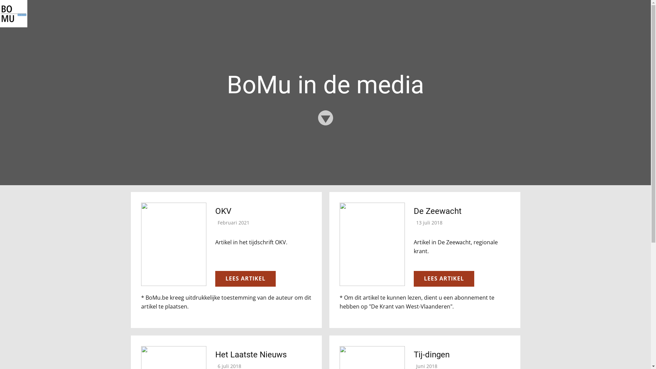 The image size is (656, 369). I want to click on 'LEES ARTIKEL', so click(245, 279).